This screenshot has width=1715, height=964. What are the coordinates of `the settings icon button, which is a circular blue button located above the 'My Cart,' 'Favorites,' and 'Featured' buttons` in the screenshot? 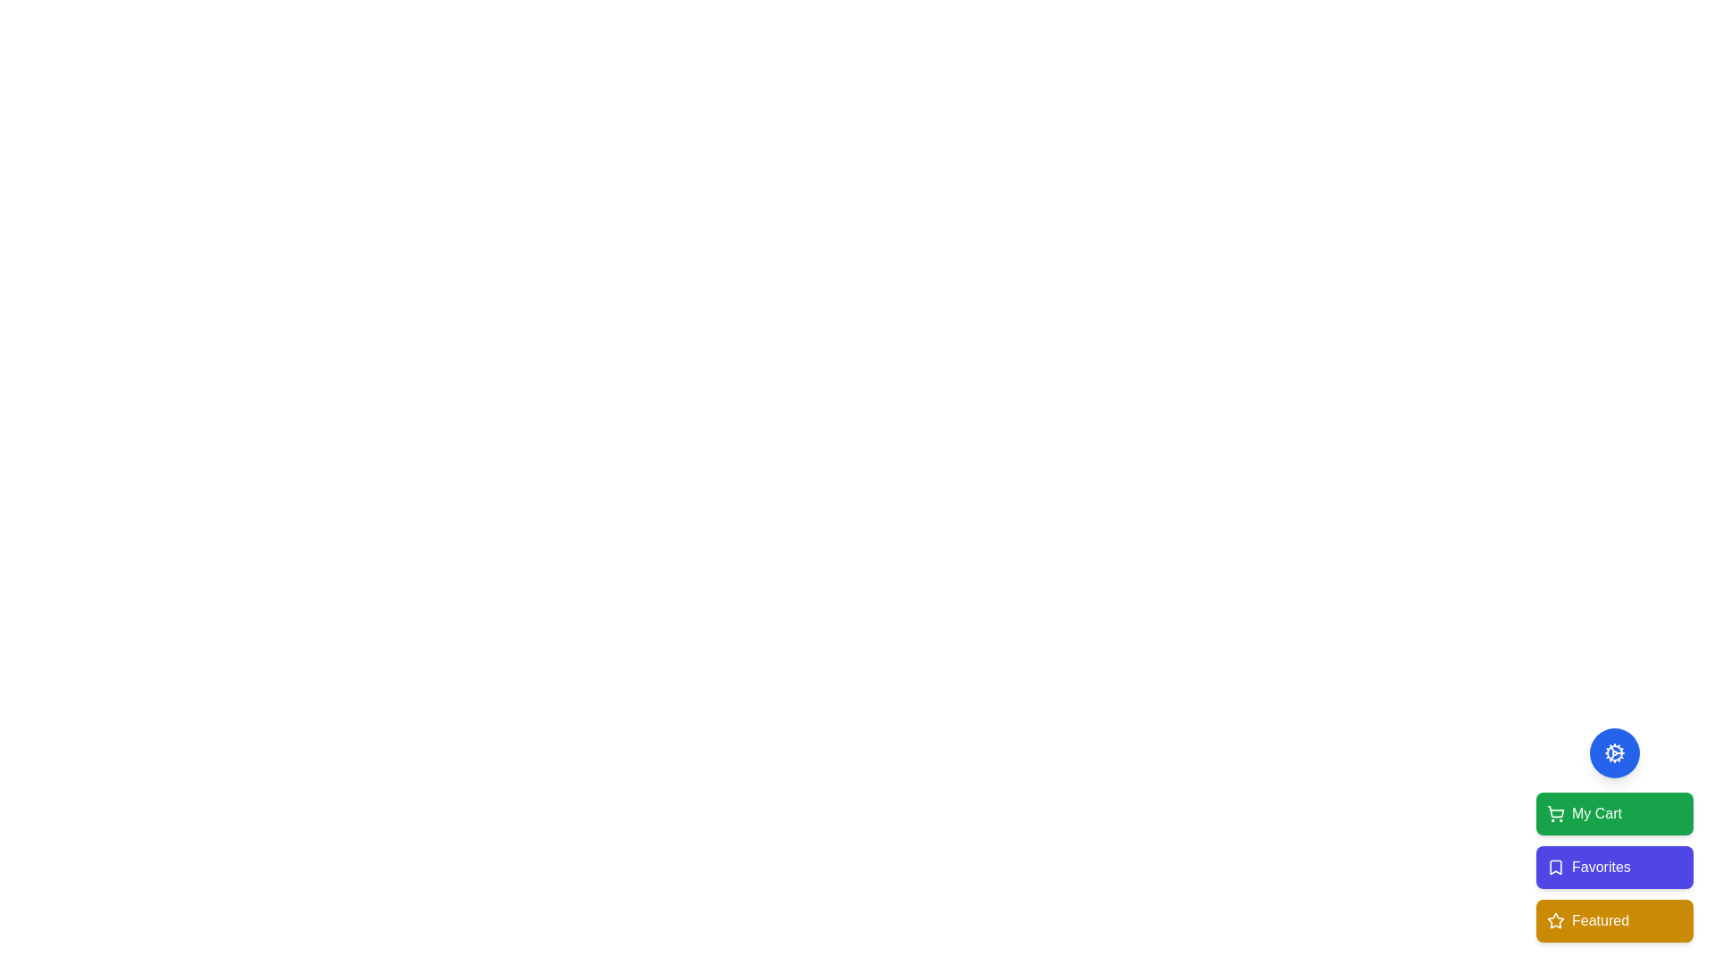 It's located at (1615, 753).